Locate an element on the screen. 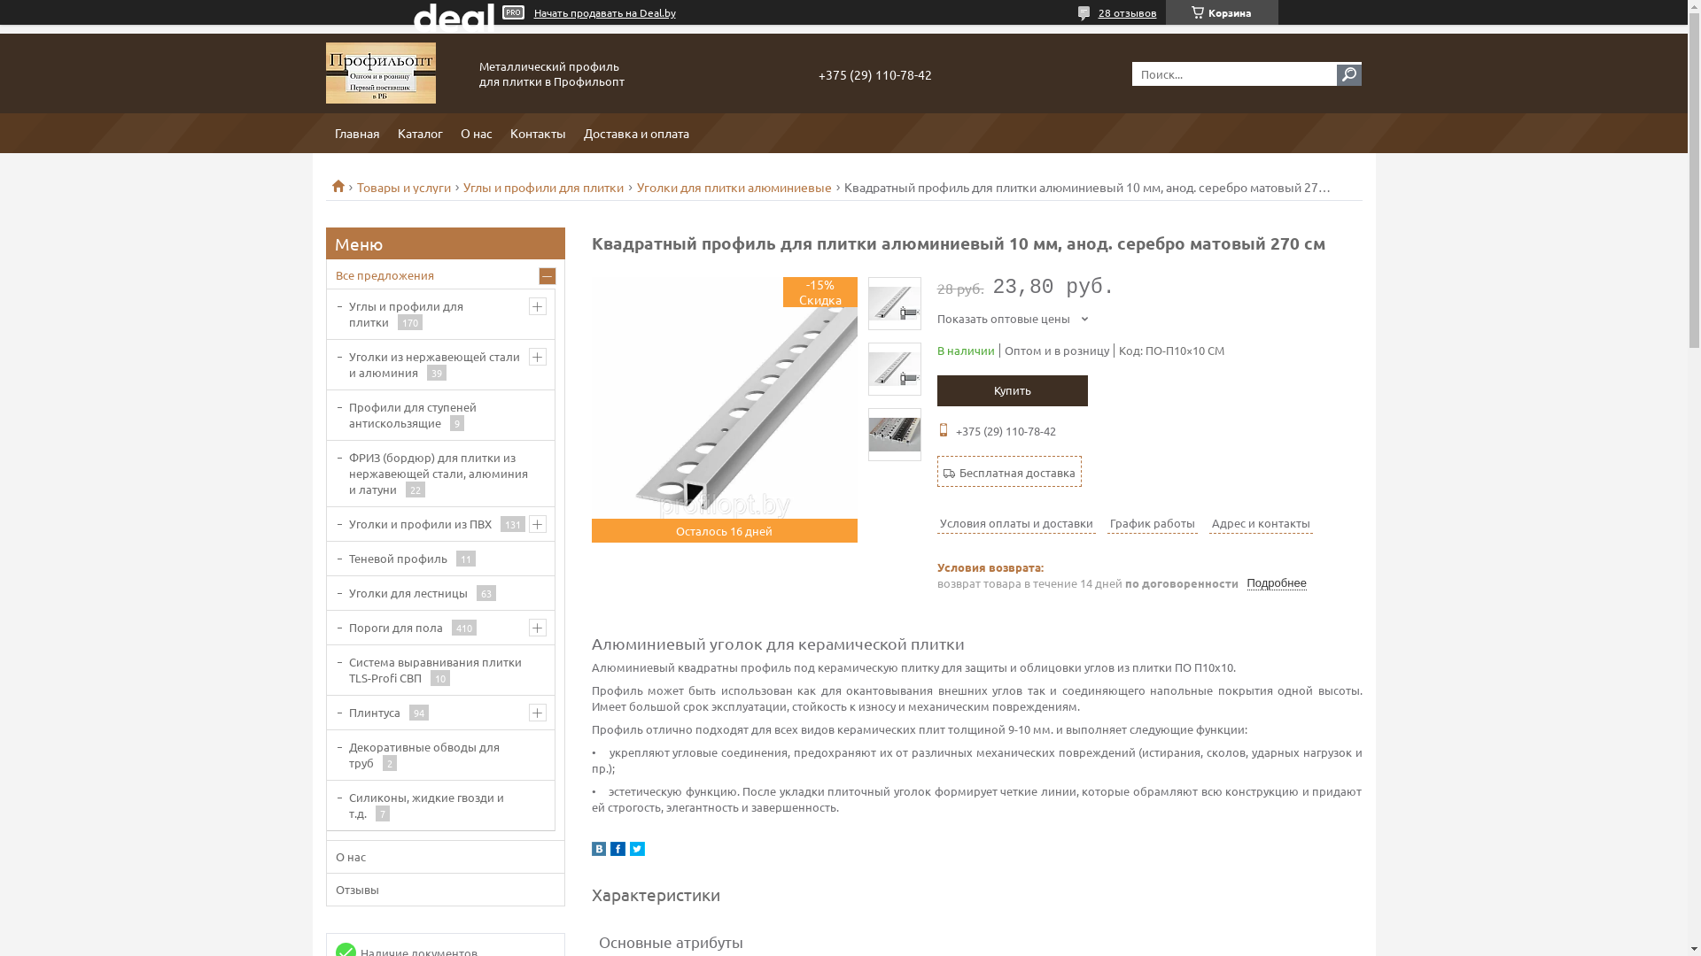 The image size is (1701, 956). 'twitter' is located at coordinates (636, 850).